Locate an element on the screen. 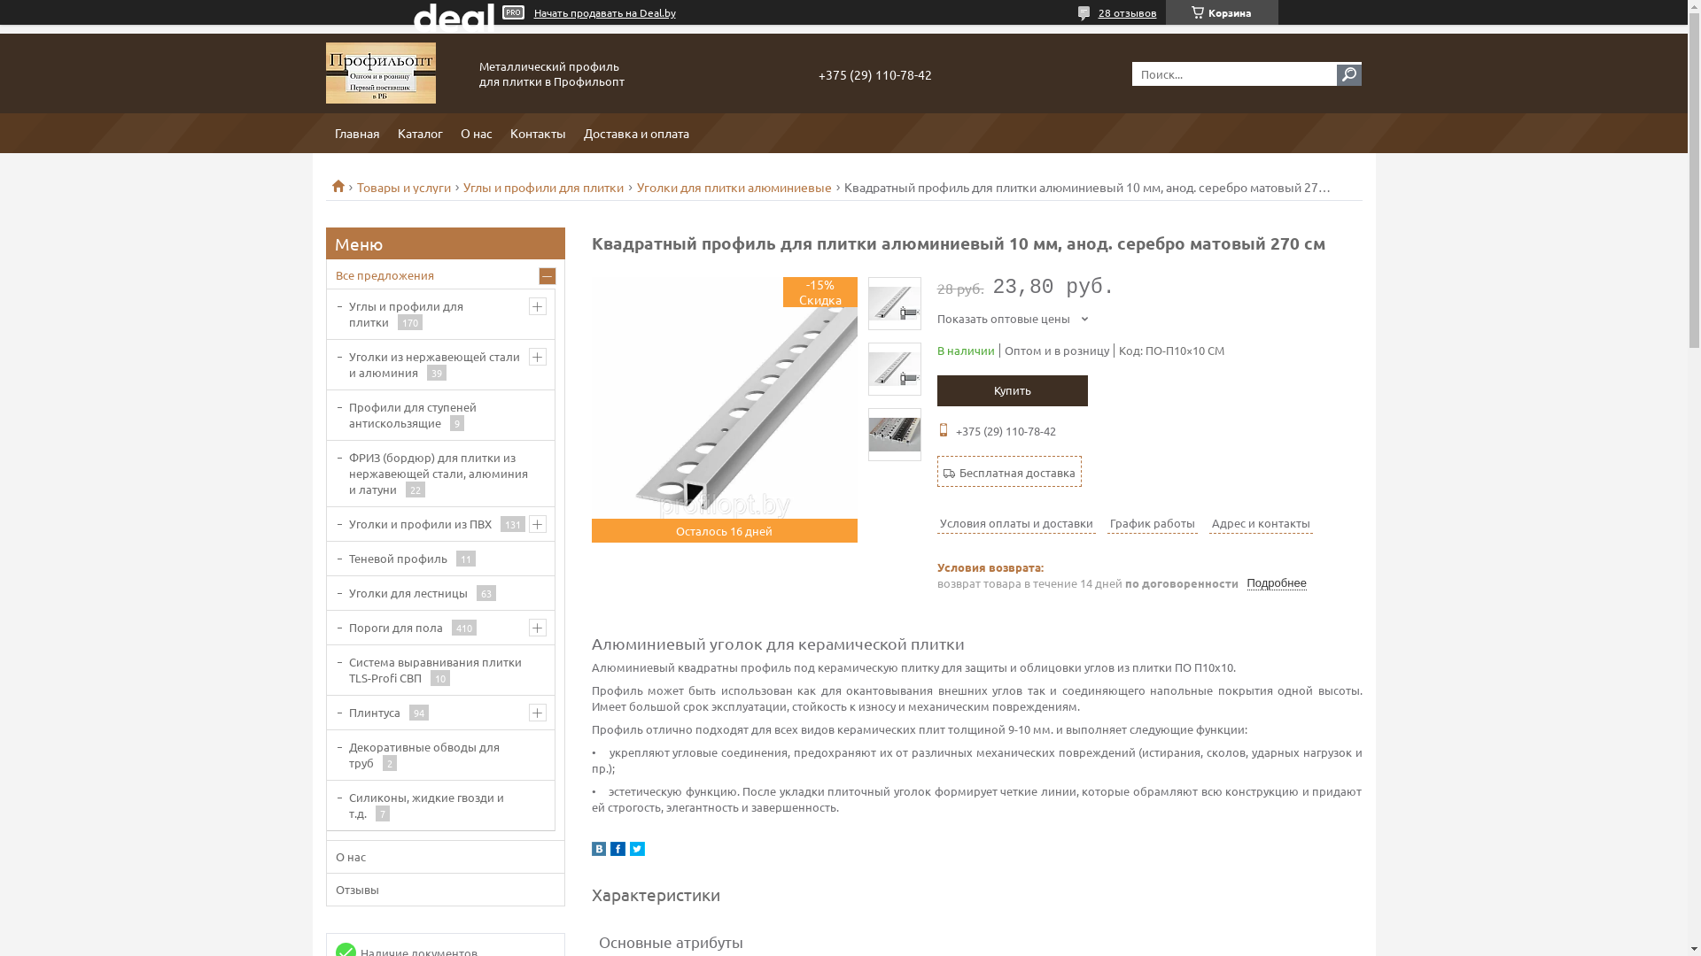 The image size is (1701, 956). 'twitter' is located at coordinates (636, 850).